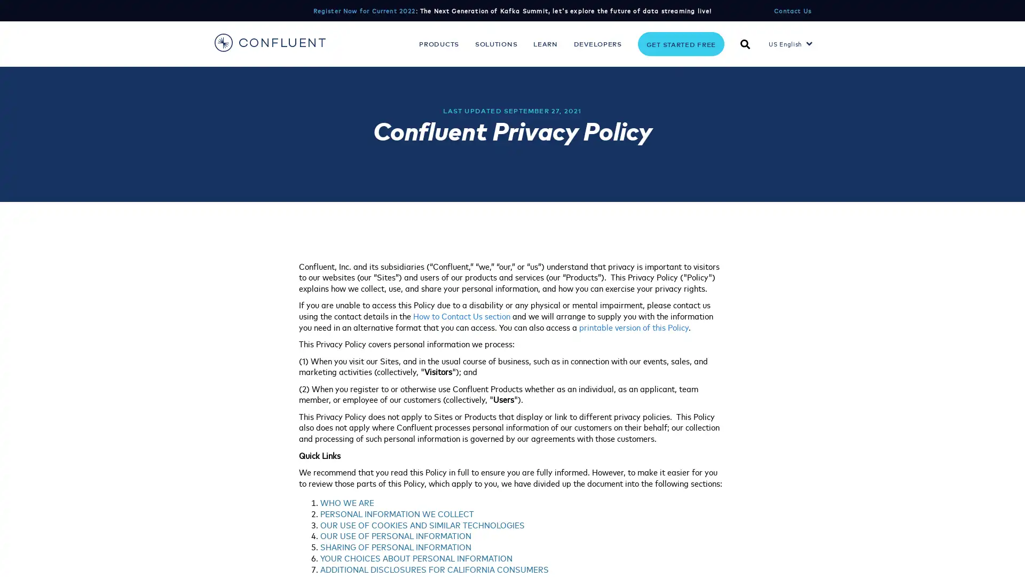 The image size is (1025, 577). What do you see at coordinates (845, 553) in the screenshot?
I see `Accept Cookies` at bounding box center [845, 553].